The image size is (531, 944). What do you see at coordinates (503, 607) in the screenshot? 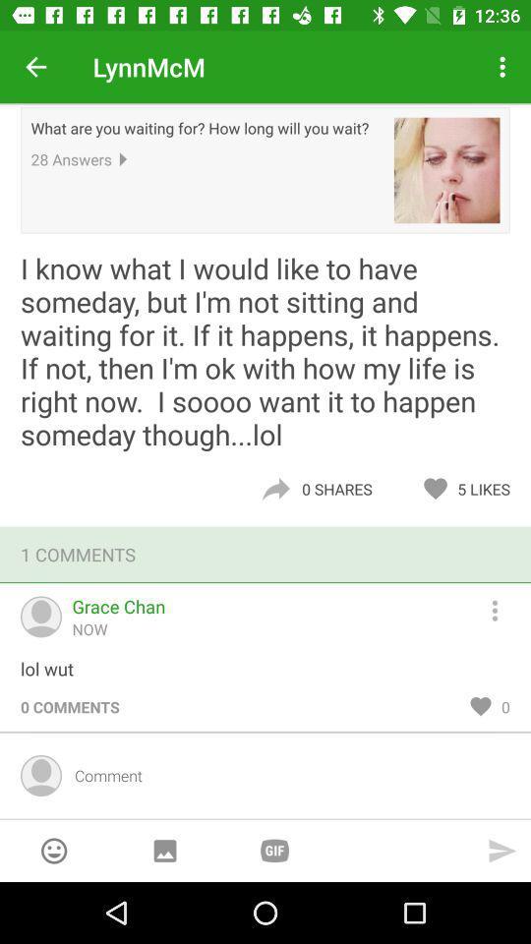
I see `the icon to the right of grace chan icon` at bounding box center [503, 607].